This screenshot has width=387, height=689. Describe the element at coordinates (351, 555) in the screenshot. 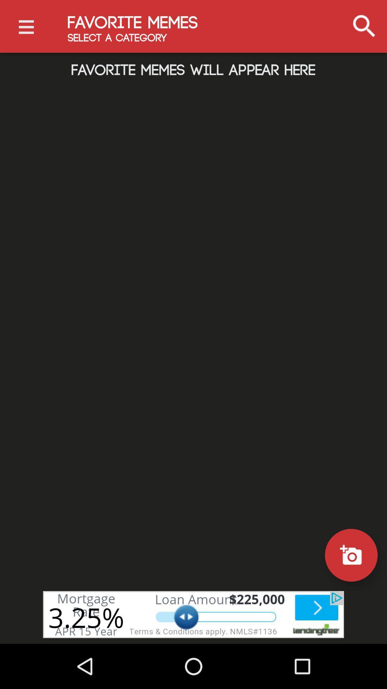

I see `a photo` at that location.